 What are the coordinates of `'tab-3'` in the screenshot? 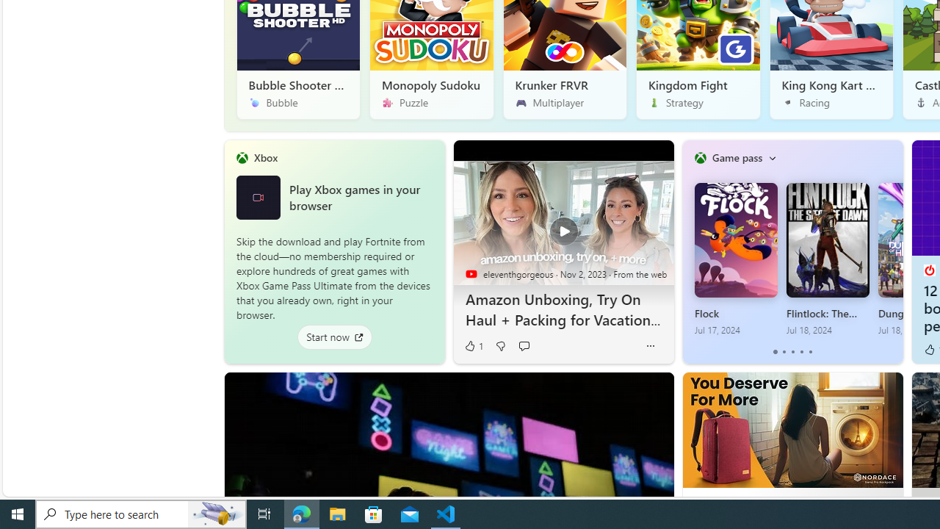 It's located at (800, 352).